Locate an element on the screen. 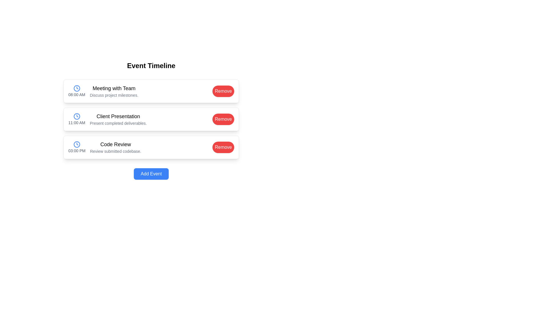 Image resolution: width=549 pixels, height=309 pixels. the red circular 'Remove' button located at the right edge of the 'Client Presentation' event card is located at coordinates (223, 119).